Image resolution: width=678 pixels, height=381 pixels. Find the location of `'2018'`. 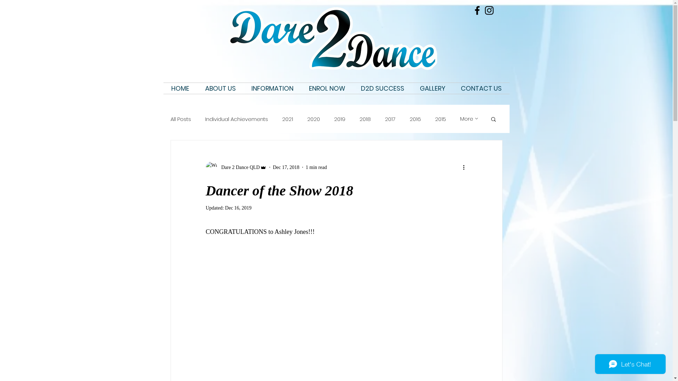

'2018' is located at coordinates (365, 119).